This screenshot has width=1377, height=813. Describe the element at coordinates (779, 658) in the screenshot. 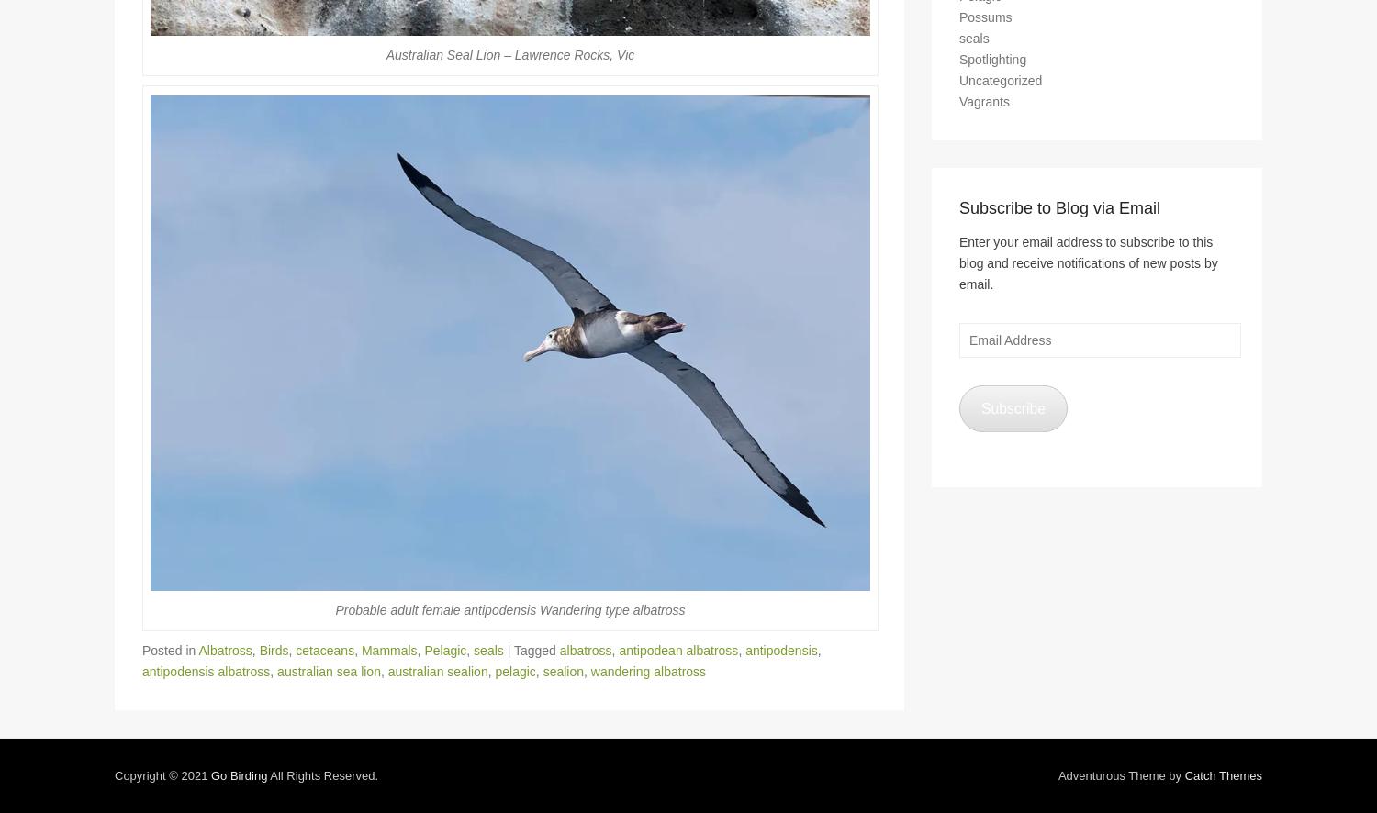

I see `'antipodensis'` at that location.